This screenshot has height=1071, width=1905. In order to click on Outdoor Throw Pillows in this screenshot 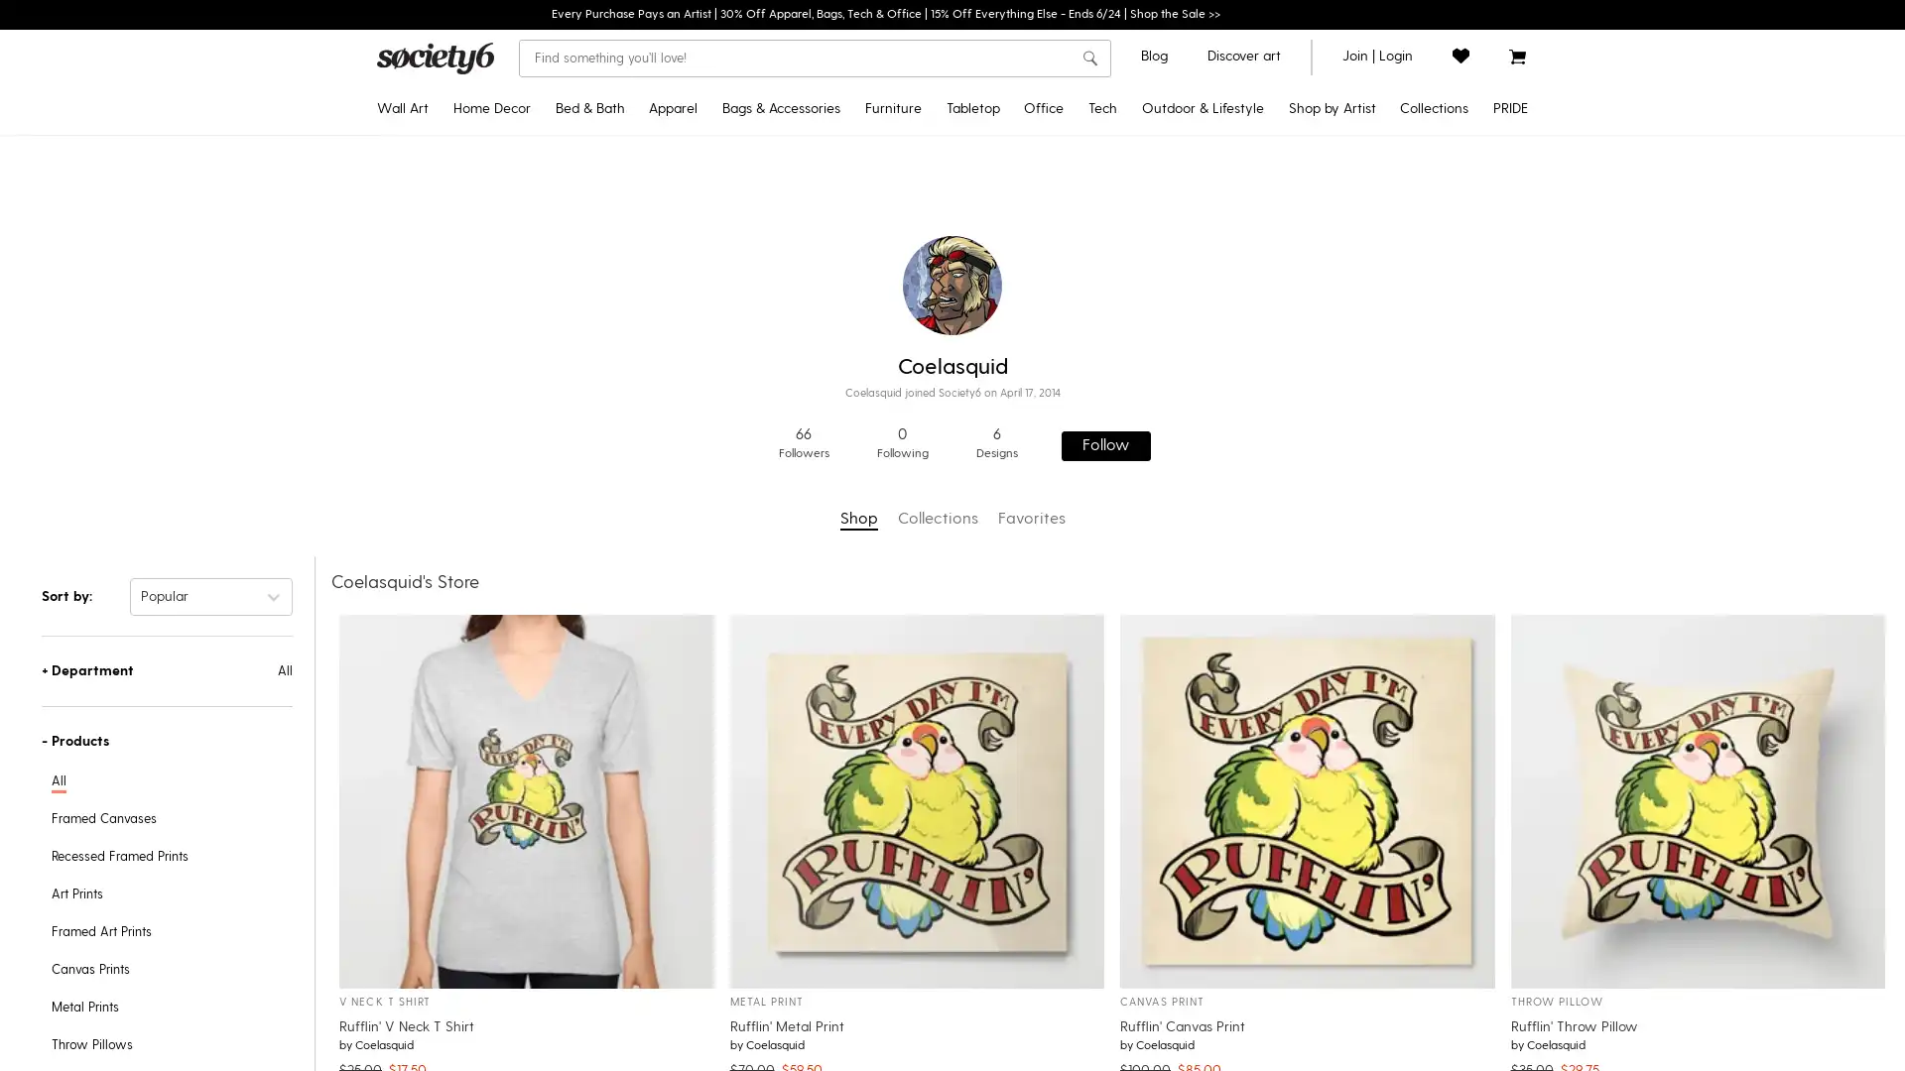, I will do `click(1228, 319)`.